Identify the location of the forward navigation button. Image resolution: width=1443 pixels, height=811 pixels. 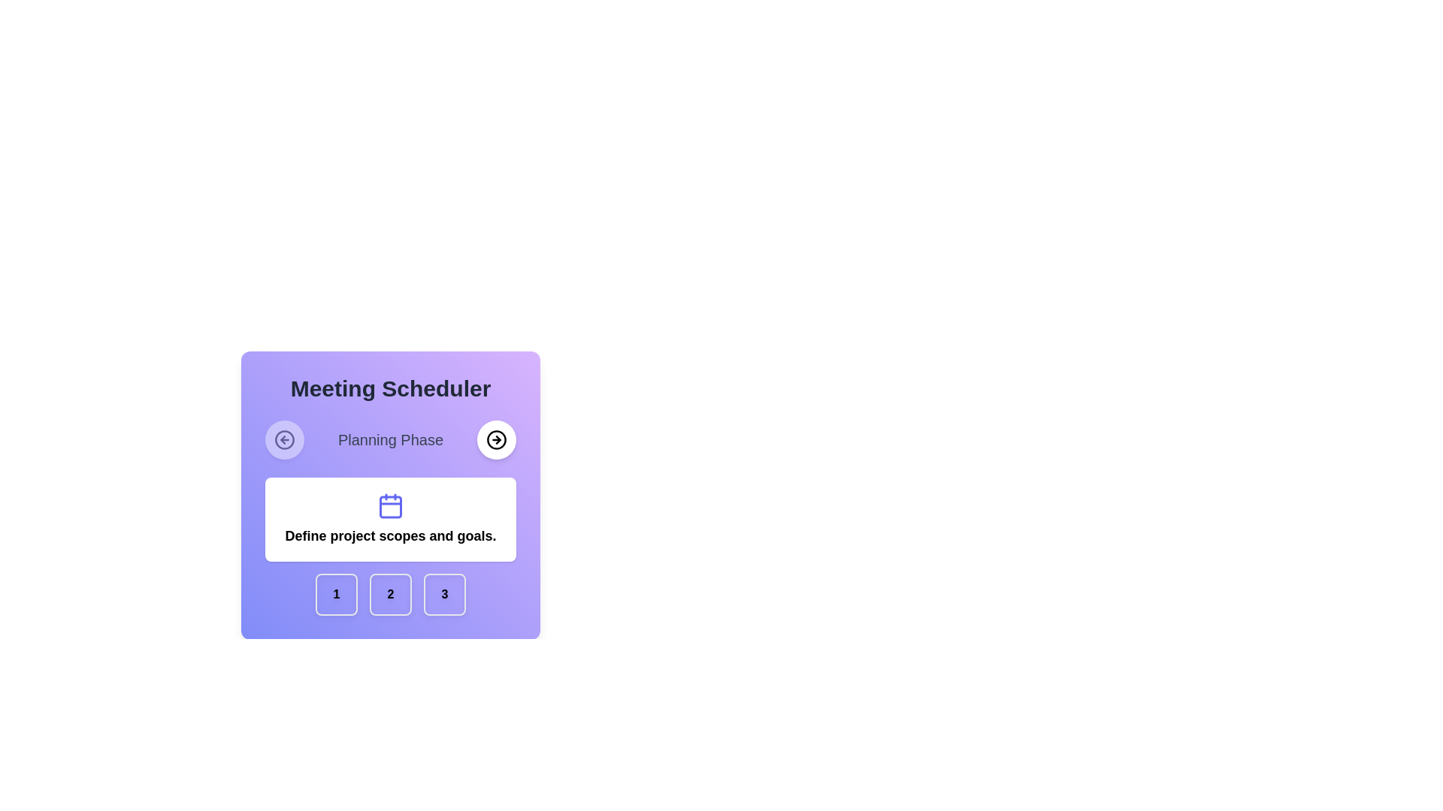
(497, 439).